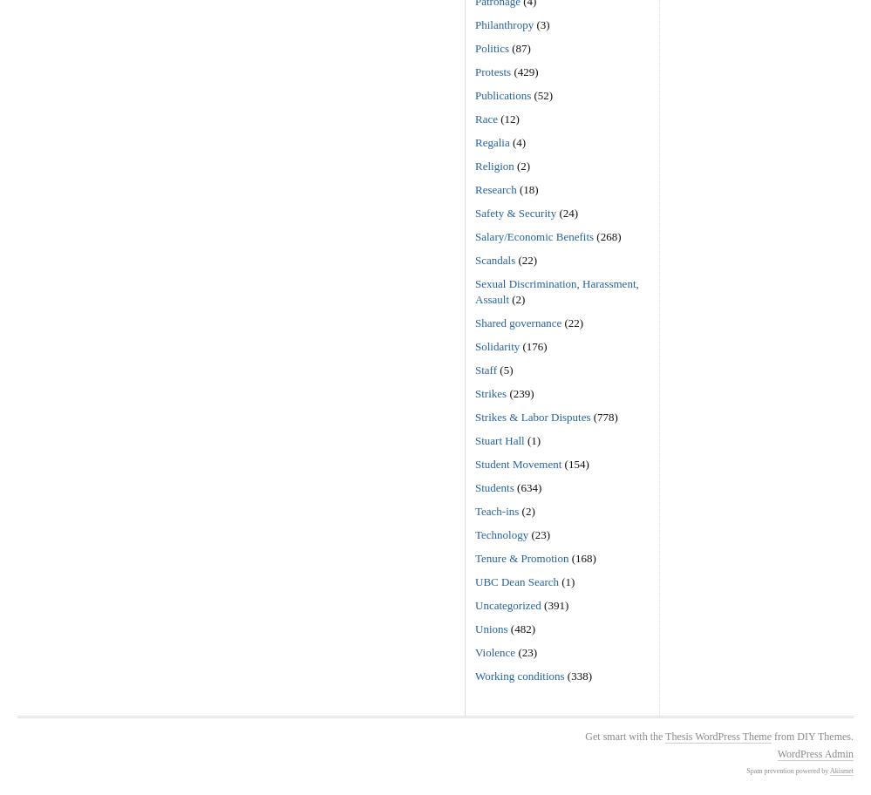  What do you see at coordinates (718, 735) in the screenshot?
I see `'Thesis WordPress Theme'` at bounding box center [718, 735].